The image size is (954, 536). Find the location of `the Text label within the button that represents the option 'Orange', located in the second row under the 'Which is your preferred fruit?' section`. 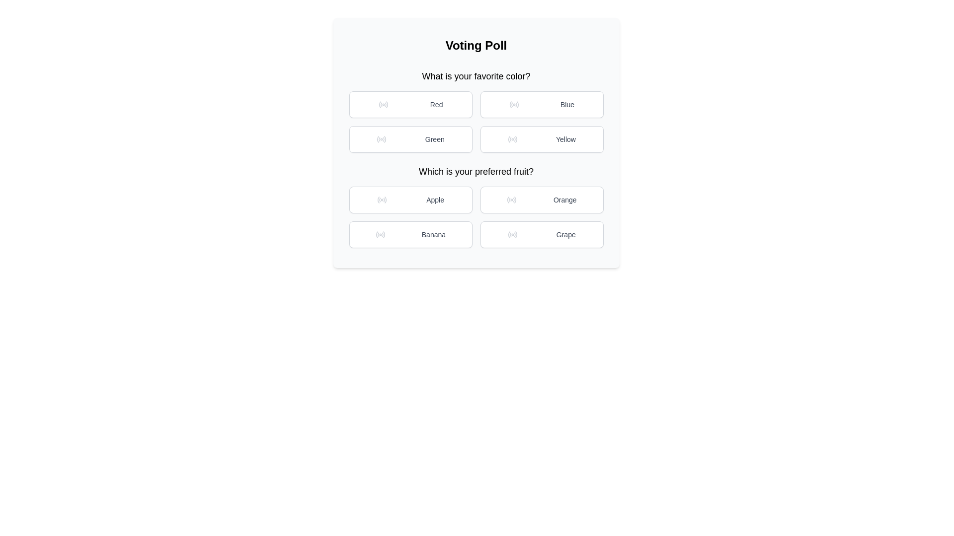

the Text label within the button that represents the option 'Orange', located in the second row under the 'Which is your preferred fruit?' section is located at coordinates (565, 200).